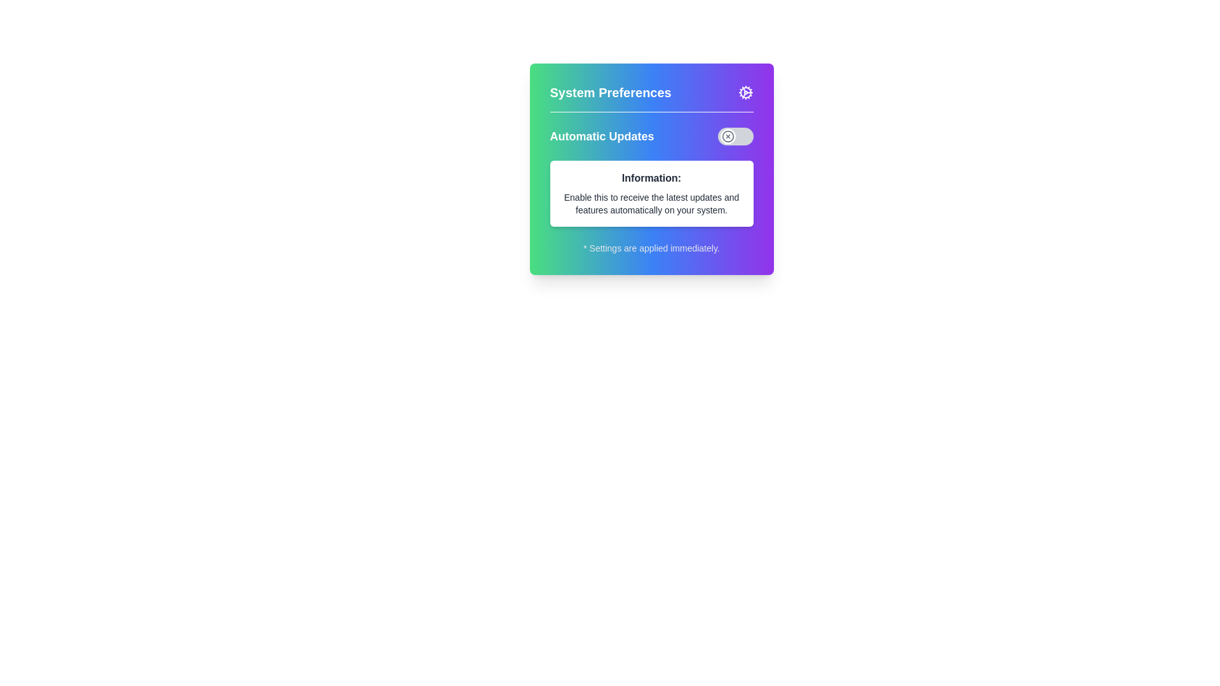  I want to click on the informational text block displaying 'Information:' and the paragraph about receiving updates, so click(651, 193).